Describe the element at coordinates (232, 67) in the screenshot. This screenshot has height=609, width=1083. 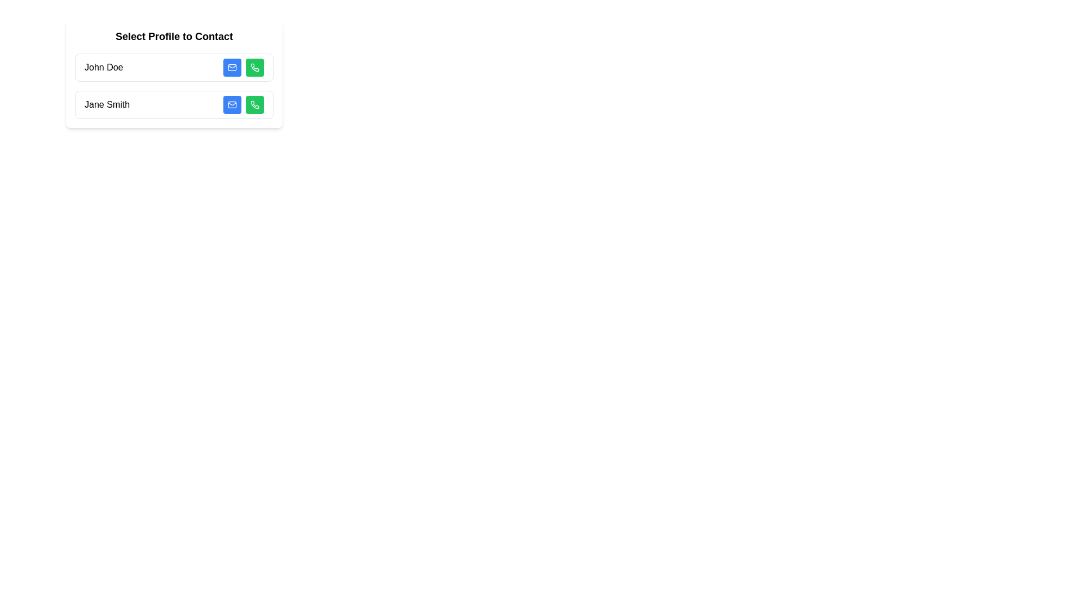
I see `the small, rounded rectangular blue button with a white envelope icon located to the right of the 'John Doe' text entry to initiate the email function` at that location.